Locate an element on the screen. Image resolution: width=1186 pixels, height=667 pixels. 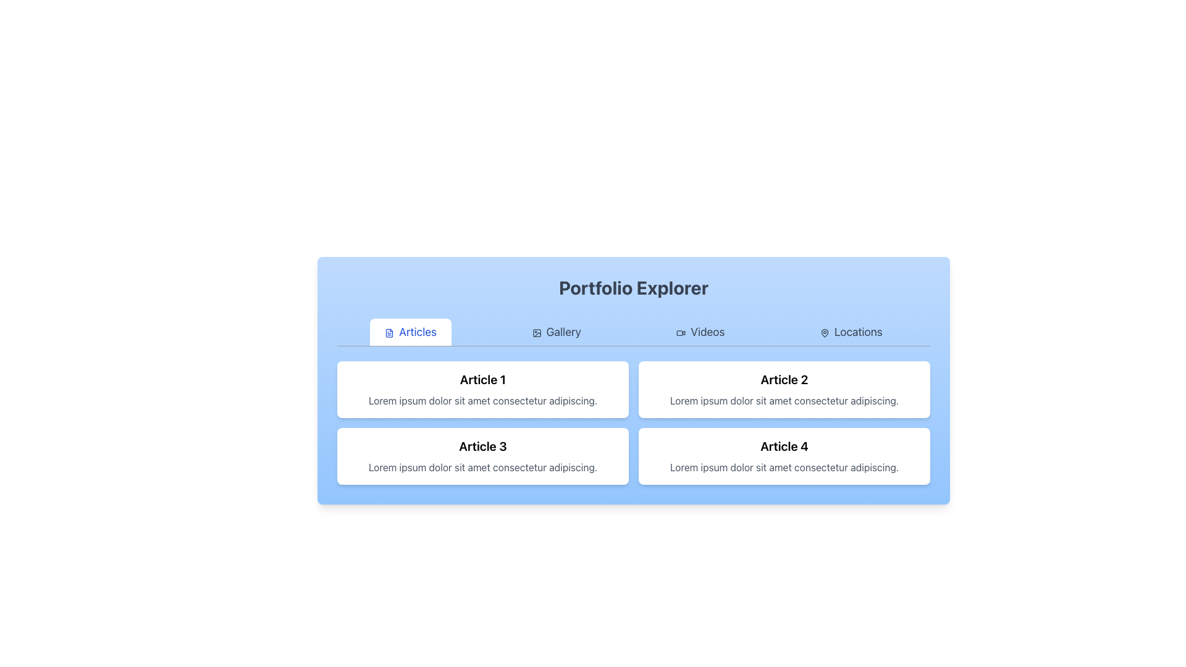
to select the 'Locations' tab represented by a map pin icon in the navigation area of the Portfolio Explorer interface is located at coordinates (824, 332).